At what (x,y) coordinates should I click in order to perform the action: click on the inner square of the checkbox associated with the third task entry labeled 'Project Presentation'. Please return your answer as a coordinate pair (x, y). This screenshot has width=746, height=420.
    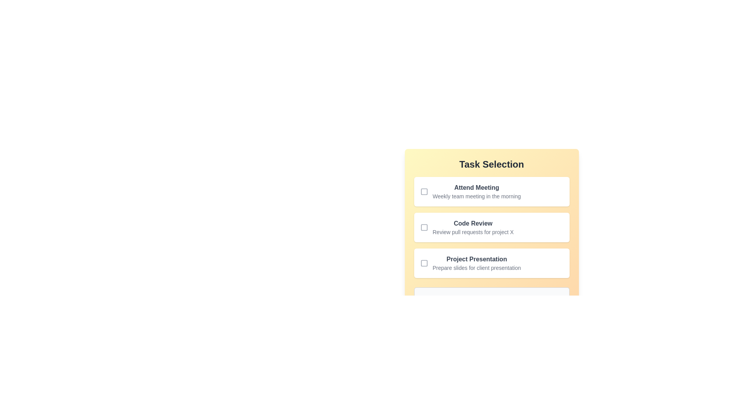
    Looking at the image, I should click on (424, 263).